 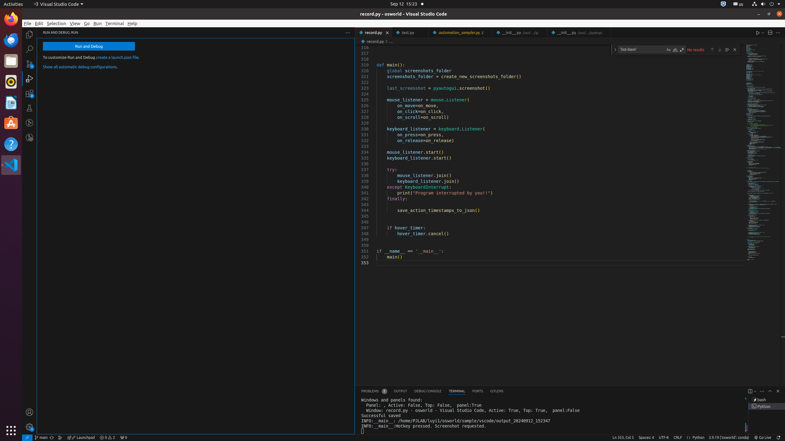 What do you see at coordinates (89, 46) in the screenshot?
I see `'Run and Debug'` at bounding box center [89, 46].